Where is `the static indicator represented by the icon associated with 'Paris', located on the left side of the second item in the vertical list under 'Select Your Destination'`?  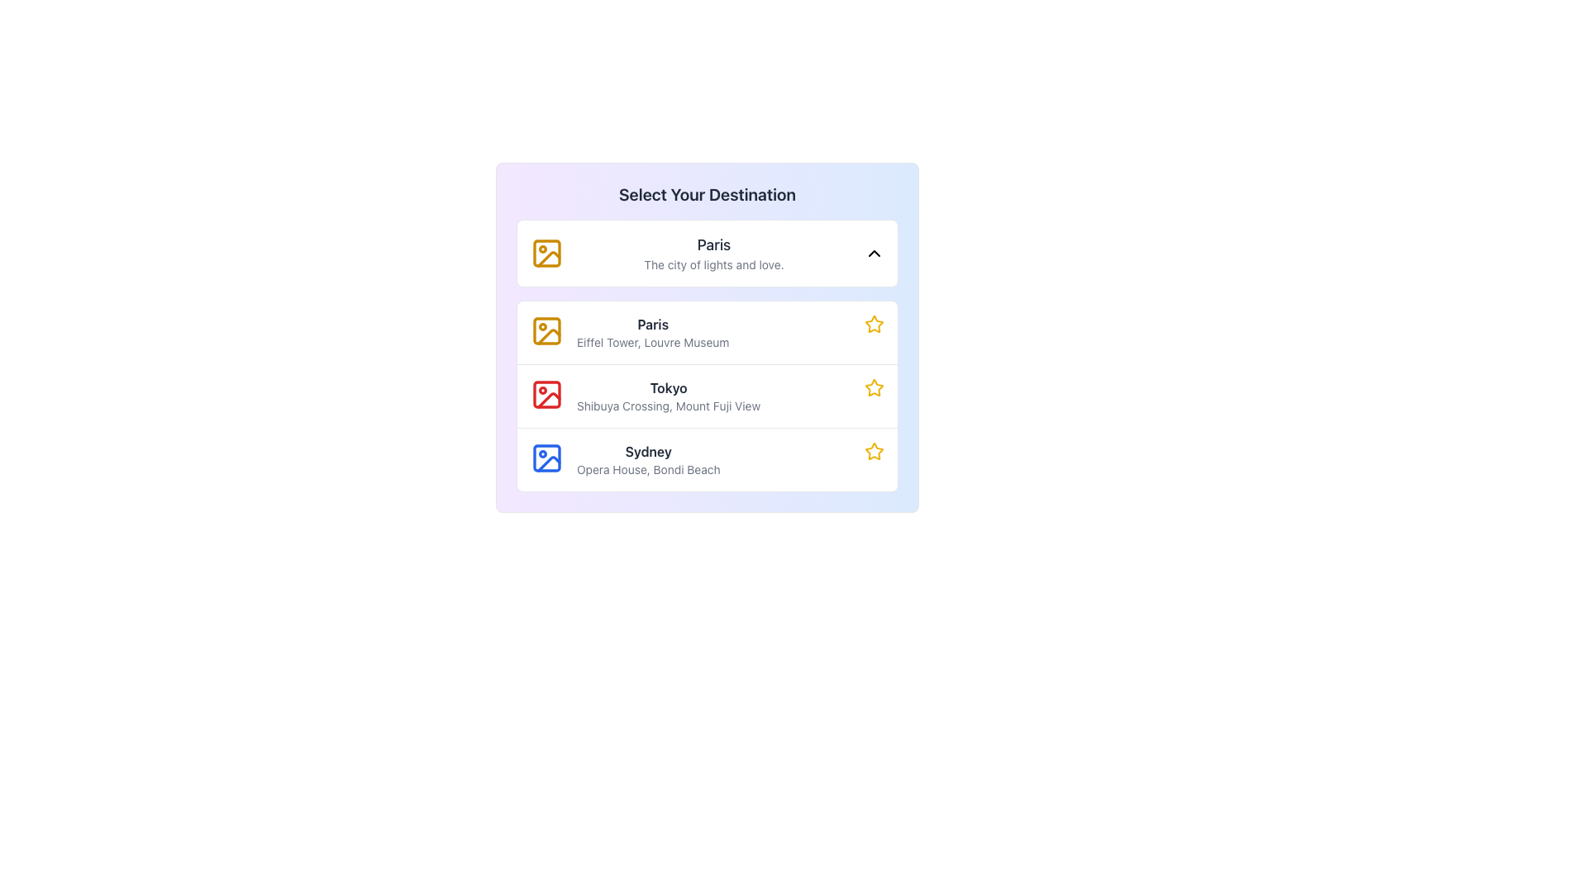 the static indicator represented by the icon associated with 'Paris', located on the left side of the second item in the vertical list under 'Select Your Destination' is located at coordinates (547, 331).